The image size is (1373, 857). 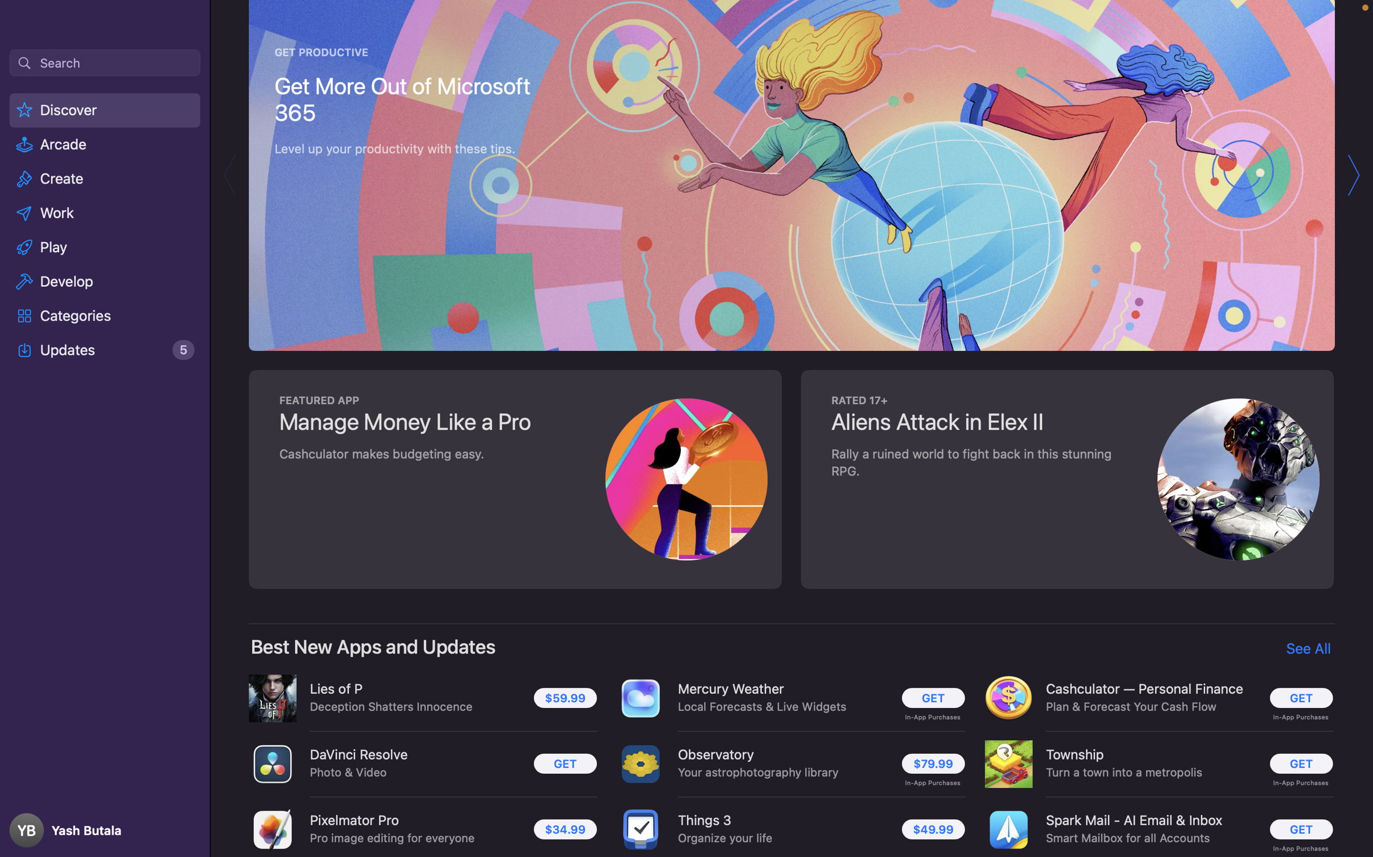 What do you see at coordinates (105, 350) in the screenshot?
I see `the "Updates" page` at bounding box center [105, 350].